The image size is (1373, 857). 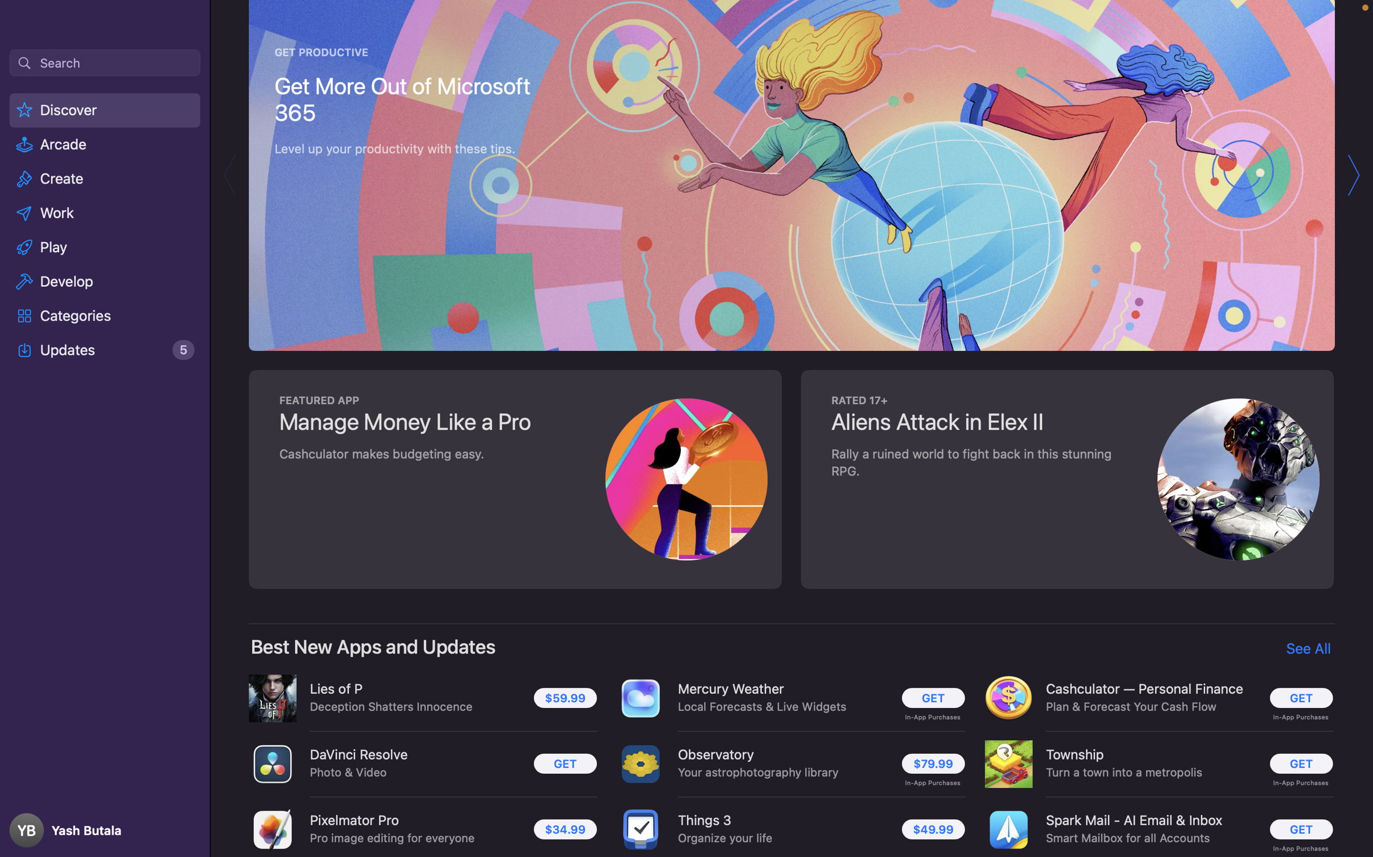 What do you see at coordinates (105, 350) in the screenshot?
I see `the "Updates" page` at bounding box center [105, 350].